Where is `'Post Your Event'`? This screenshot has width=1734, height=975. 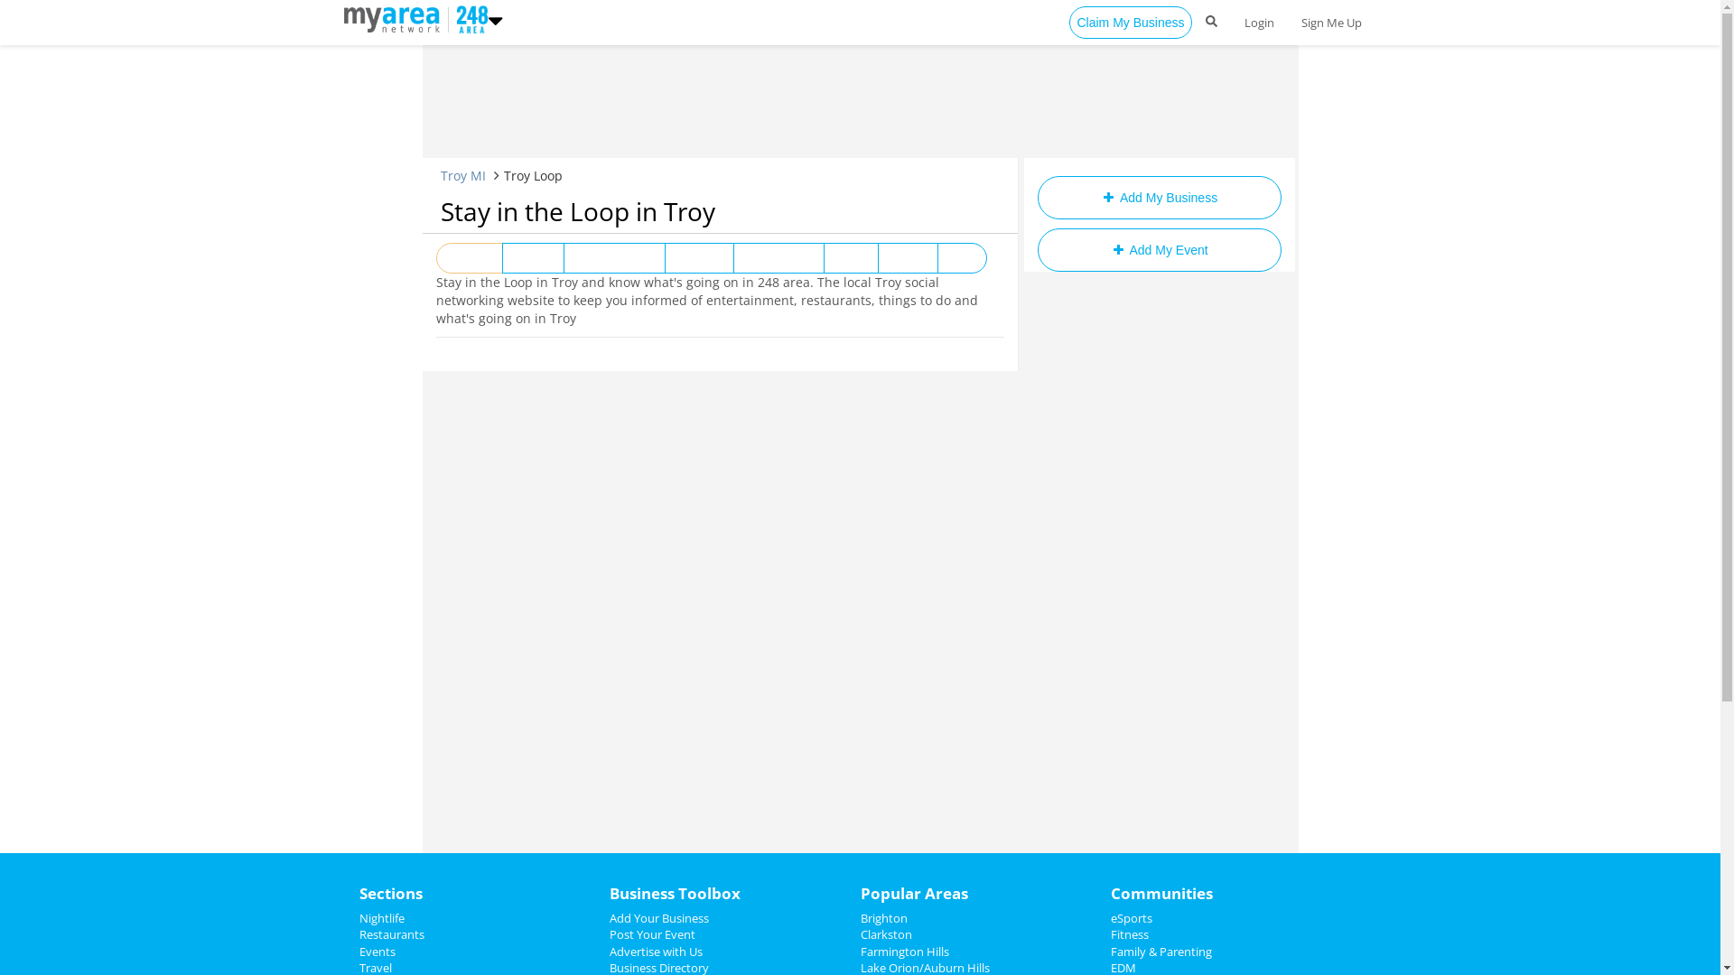
'Post Your Event' is located at coordinates (651, 933).